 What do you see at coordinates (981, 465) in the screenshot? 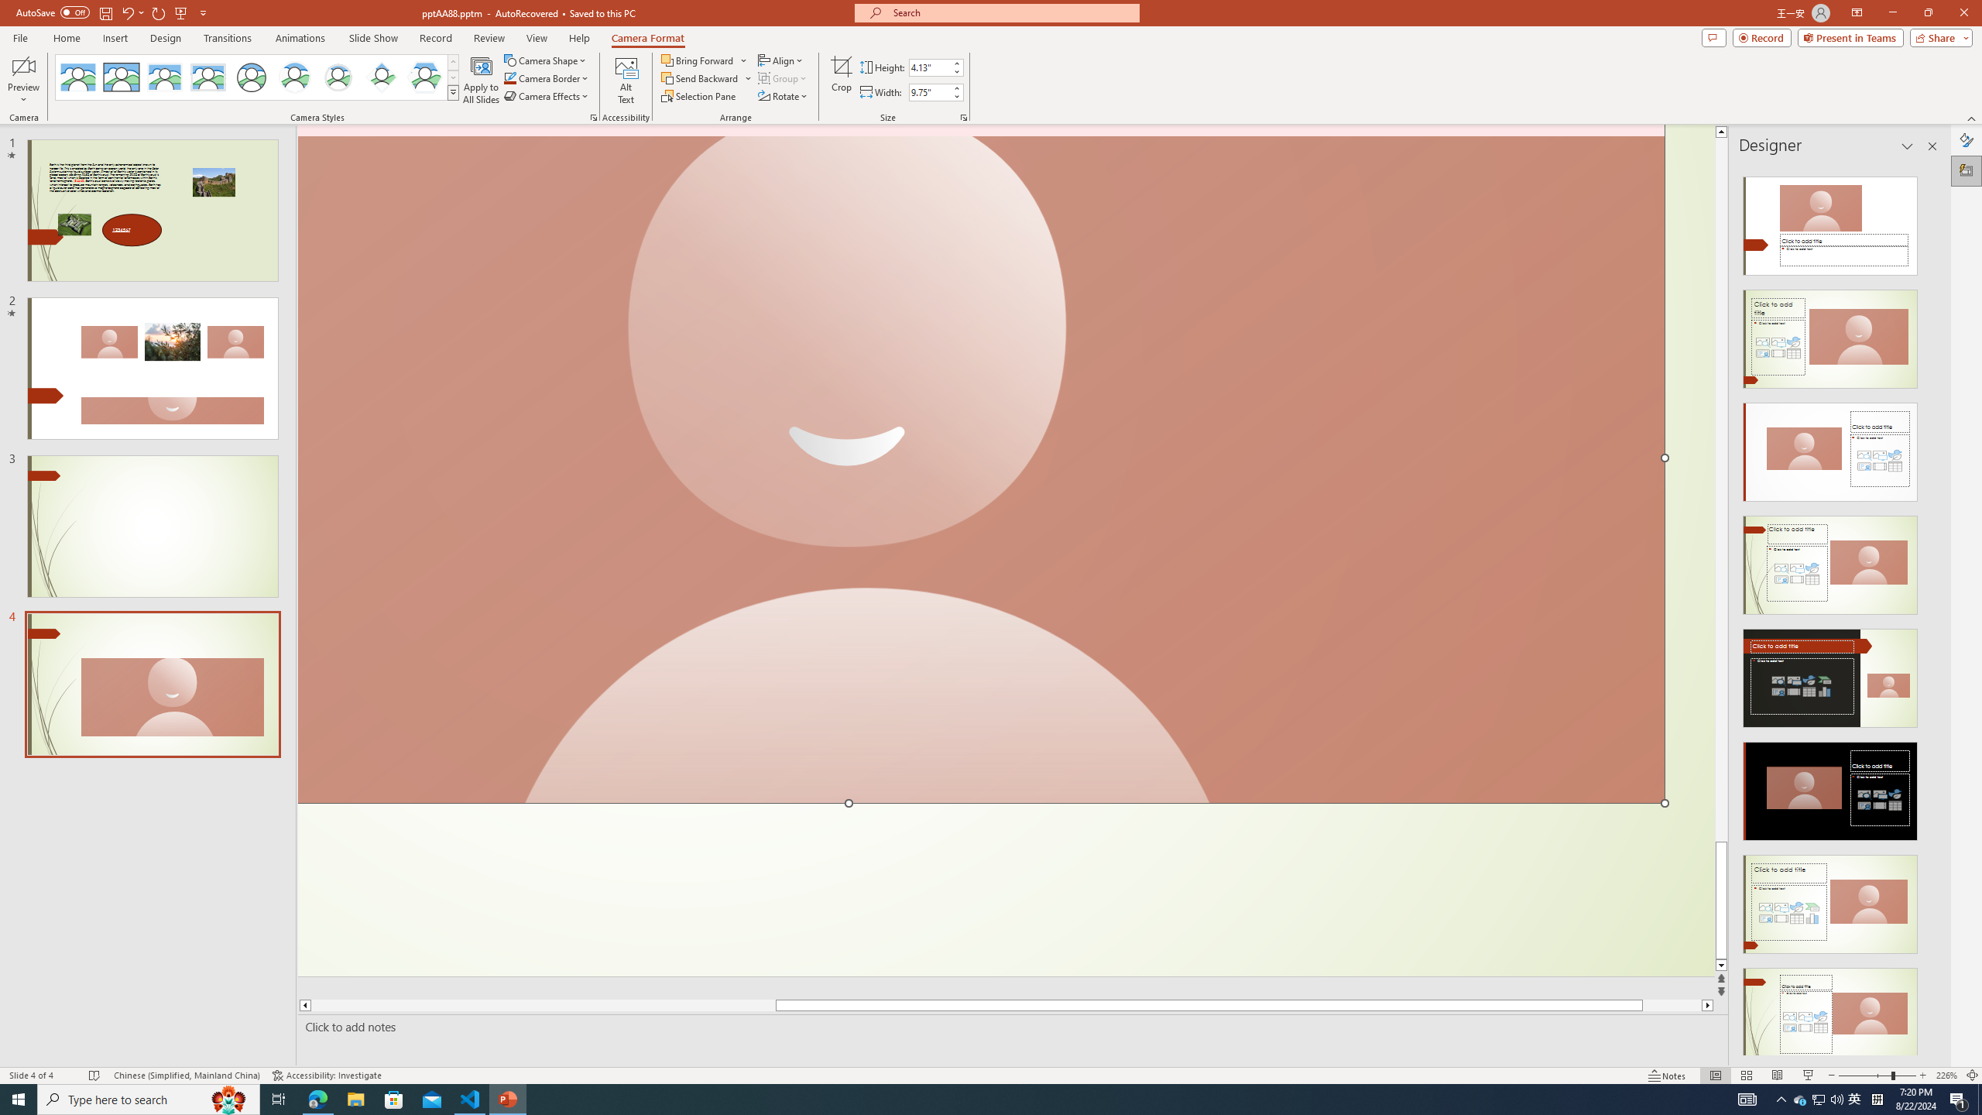
I see `'Camera 3, No camera detected.'` at bounding box center [981, 465].